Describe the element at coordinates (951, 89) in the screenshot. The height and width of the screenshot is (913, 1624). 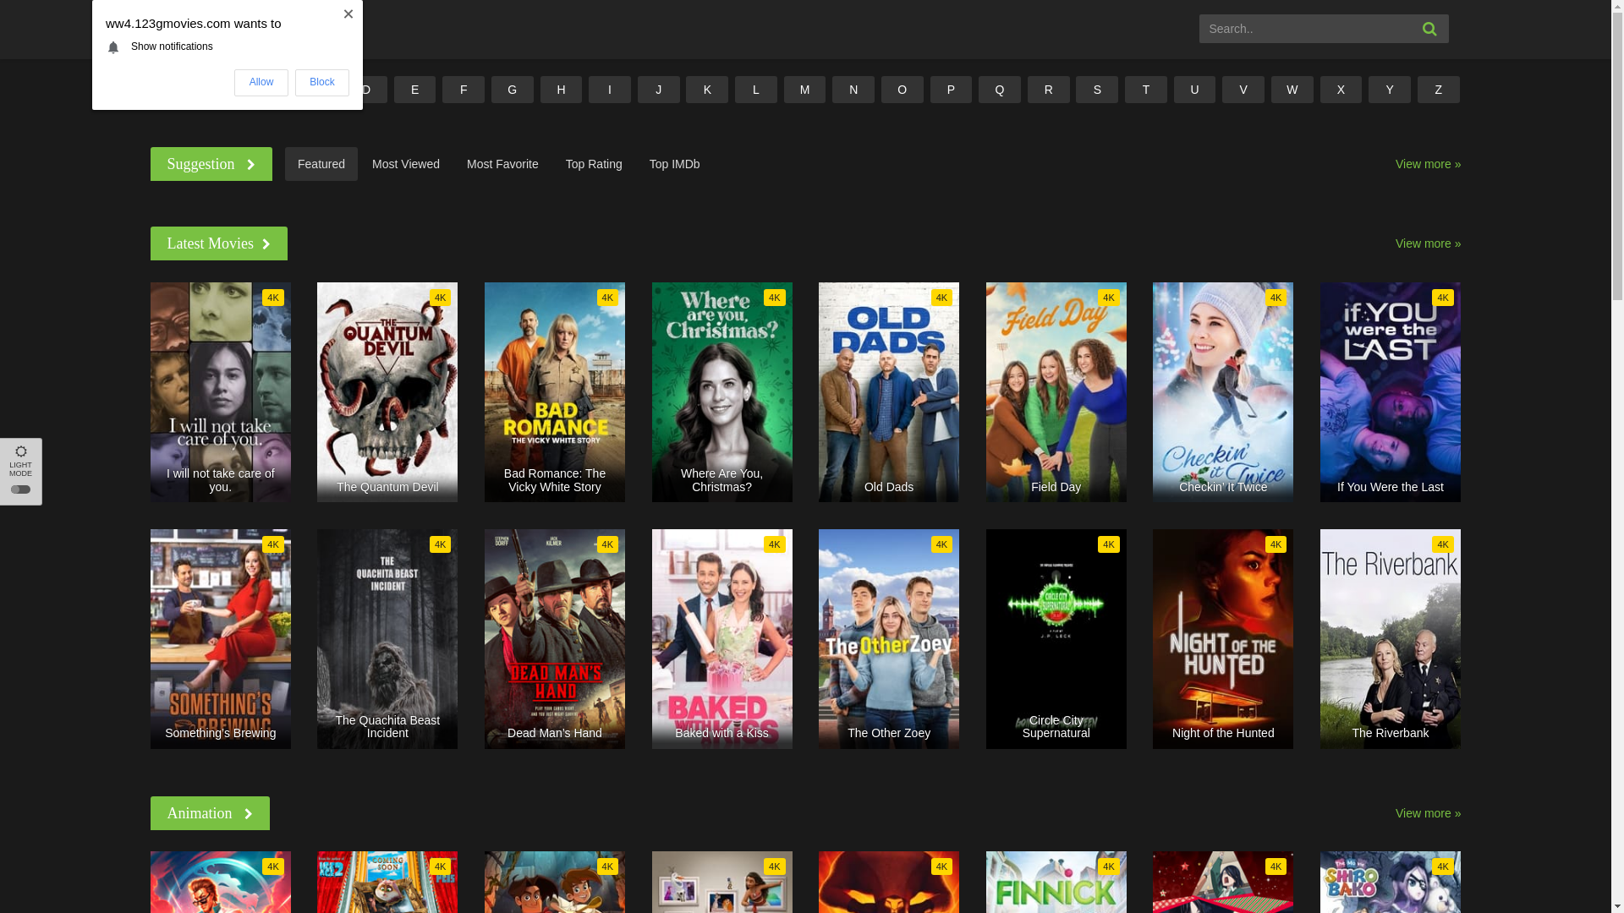
I see `'P'` at that location.